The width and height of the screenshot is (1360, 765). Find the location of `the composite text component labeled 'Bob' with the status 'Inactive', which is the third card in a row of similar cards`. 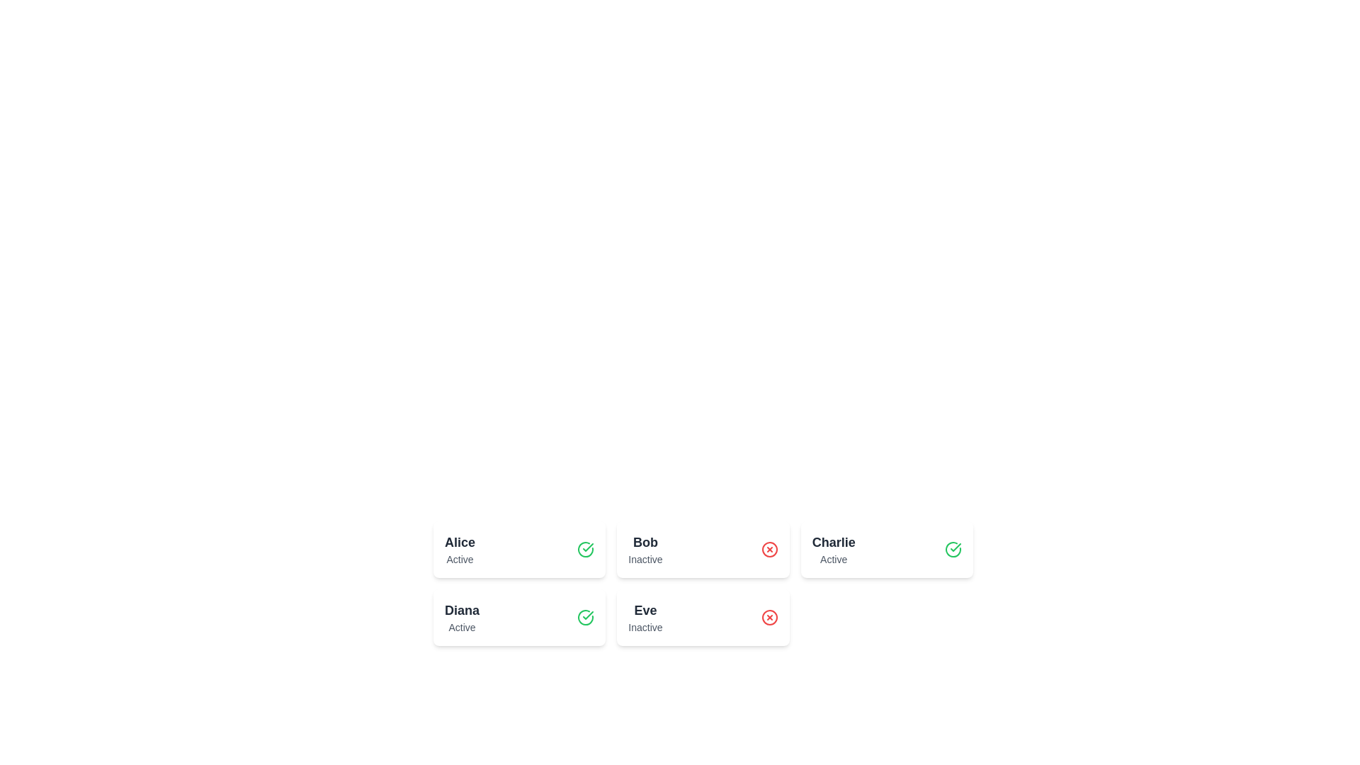

the composite text component labeled 'Bob' with the status 'Inactive', which is the third card in a row of similar cards is located at coordinates (645, 548).